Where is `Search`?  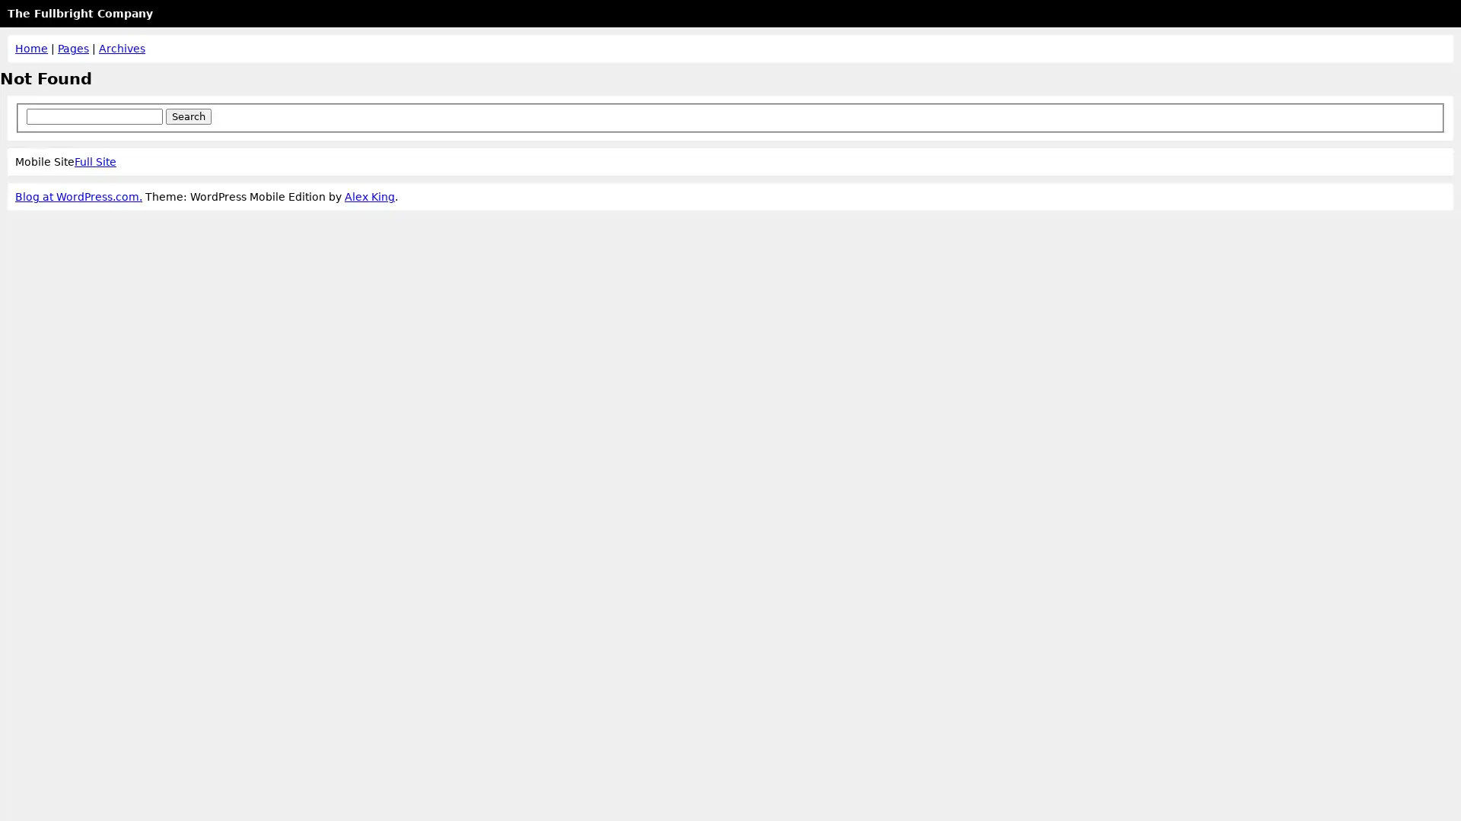
Search is located at coordinates (186, 115).